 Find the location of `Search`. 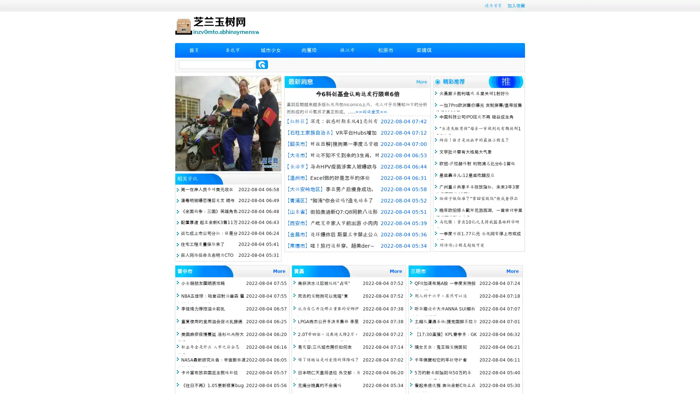

Search is located at coordinates (262, 64).